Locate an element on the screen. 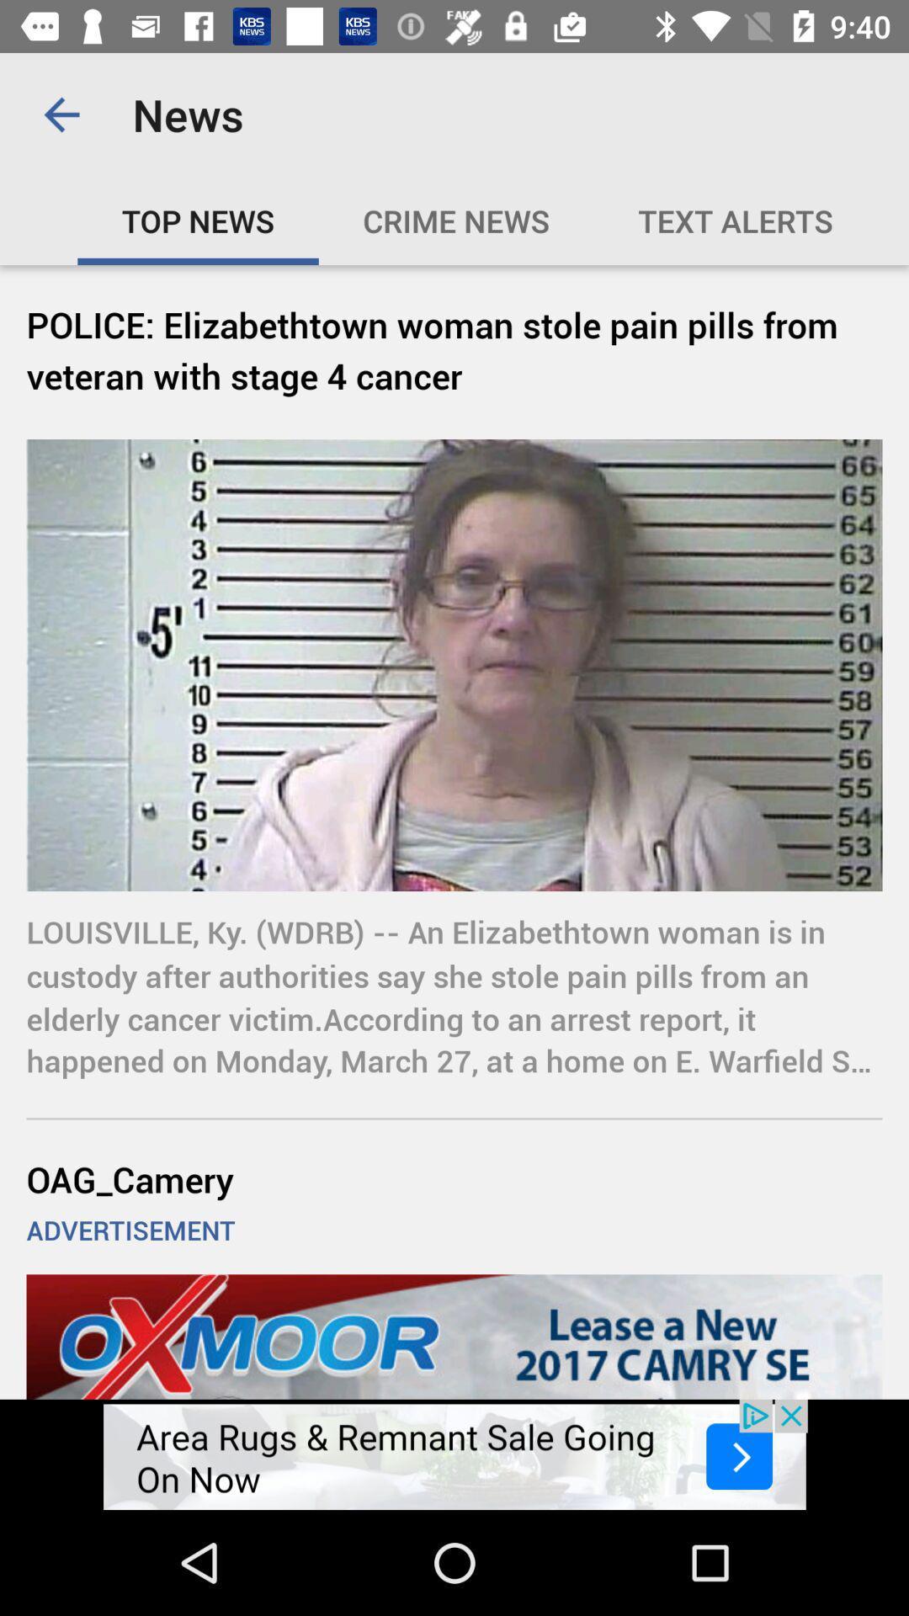 The width and height of the screenshot is (909, 1616). advertisement image is located at coordinates (454, 1454).